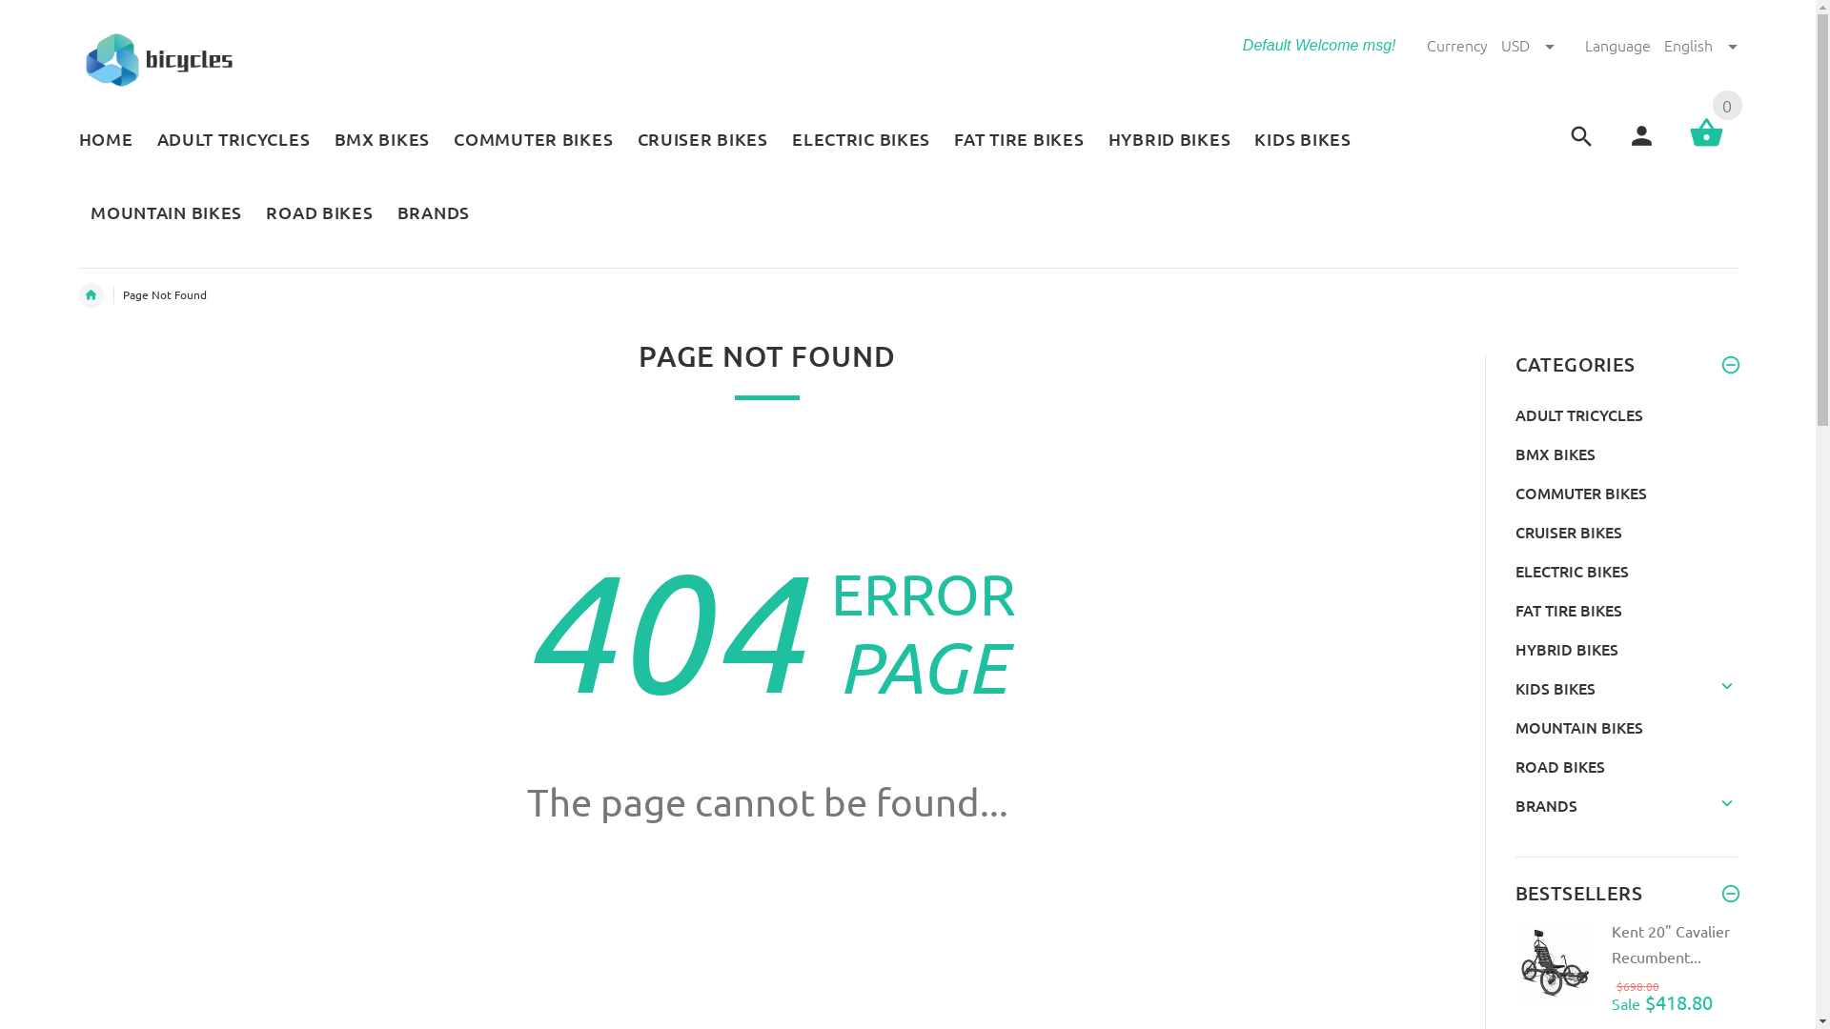 This screenshot has width=1830, height=1029. What do you see at coordinates (859, 139) in the screenshot?
I see `'ELECTRIC BIKES'` at bounding box center [859, 139].